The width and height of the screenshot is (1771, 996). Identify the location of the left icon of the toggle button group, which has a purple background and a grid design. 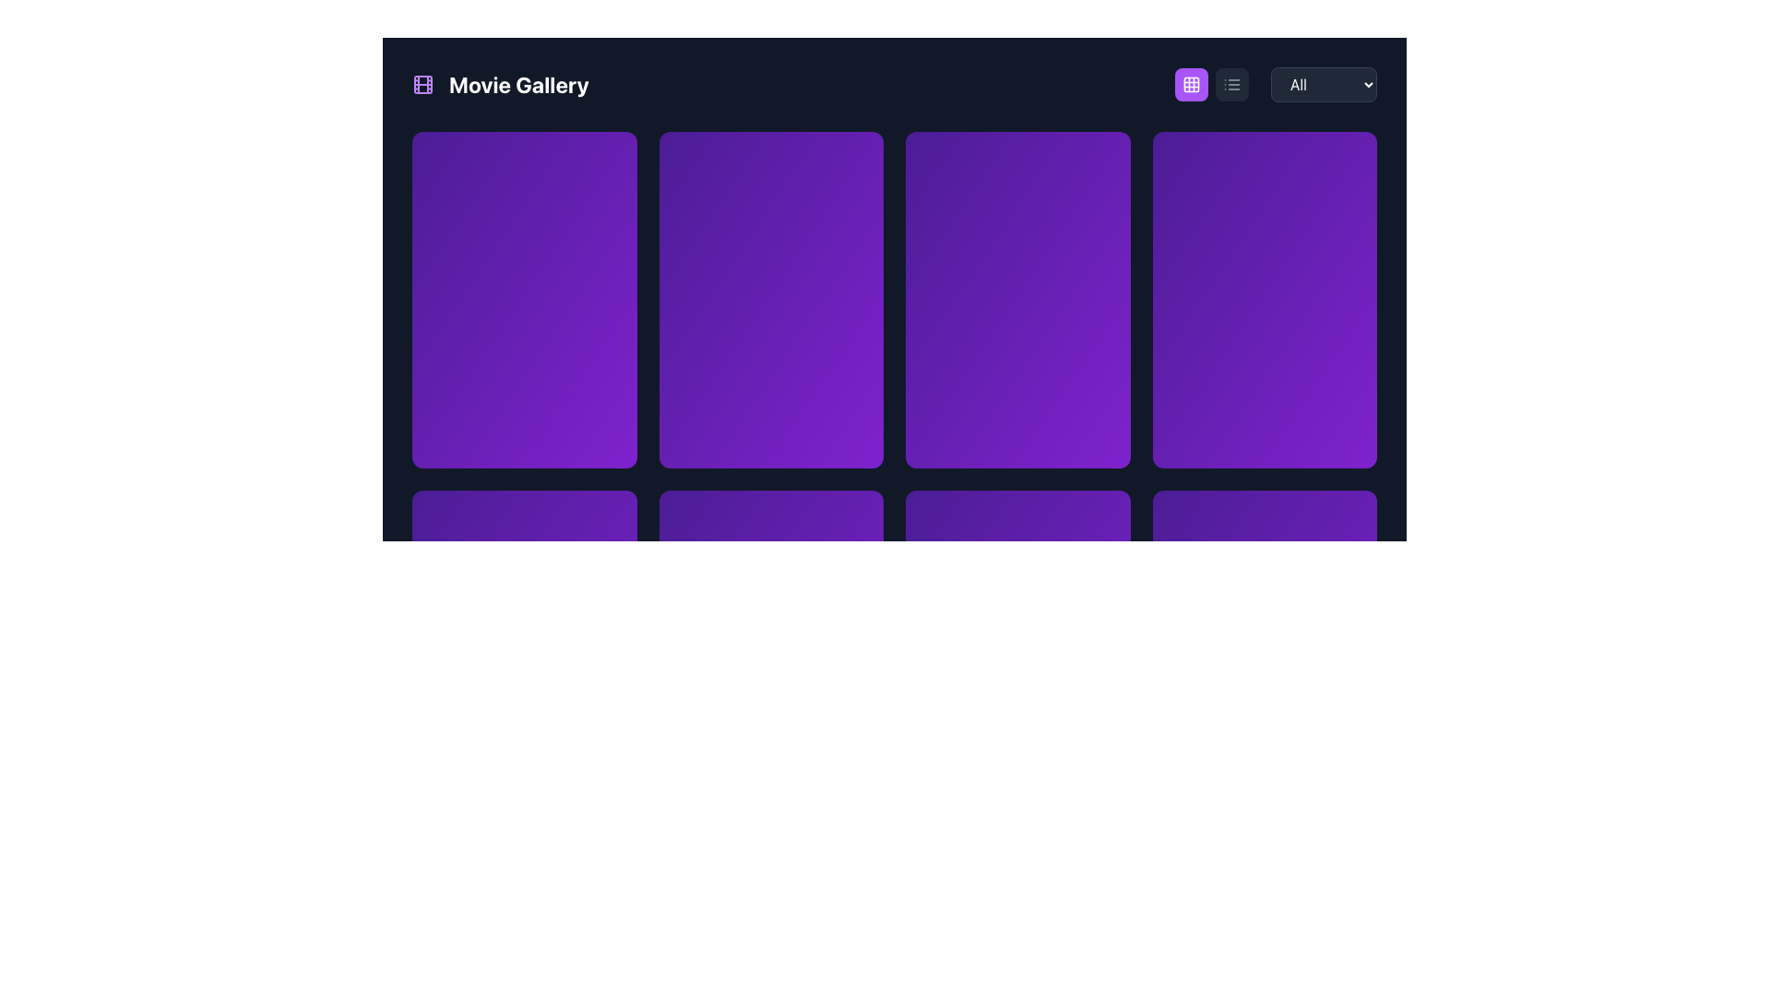
(1212, 85).